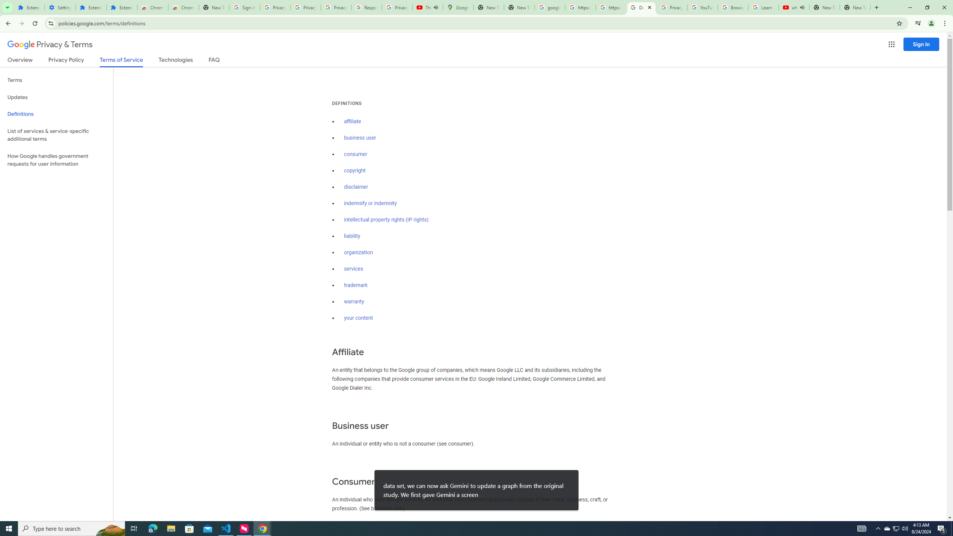 The width and height of the screenshot is (953, 536). I want to click on 'indemnify or indemnity', so click(370, 204).